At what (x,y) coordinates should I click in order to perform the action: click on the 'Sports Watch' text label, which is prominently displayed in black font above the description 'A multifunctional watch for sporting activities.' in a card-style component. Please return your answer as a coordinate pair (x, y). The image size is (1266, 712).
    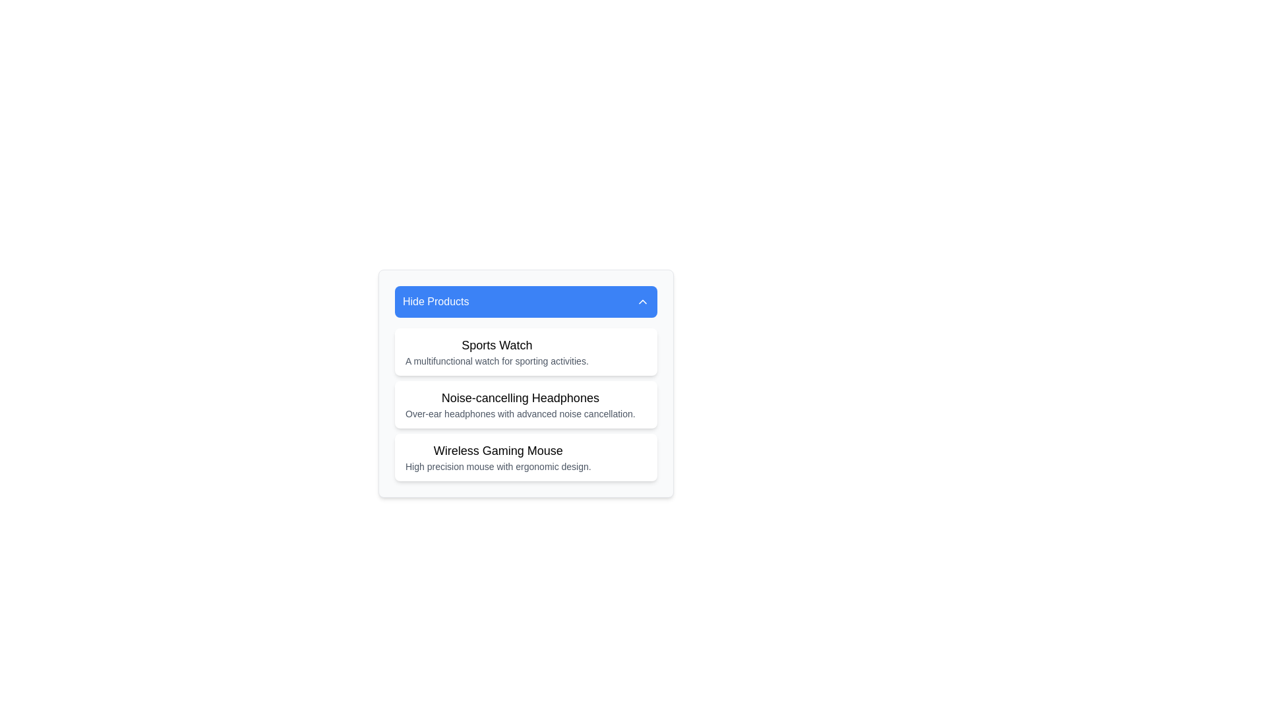
    Looking at the image, I should click on (496, 345).